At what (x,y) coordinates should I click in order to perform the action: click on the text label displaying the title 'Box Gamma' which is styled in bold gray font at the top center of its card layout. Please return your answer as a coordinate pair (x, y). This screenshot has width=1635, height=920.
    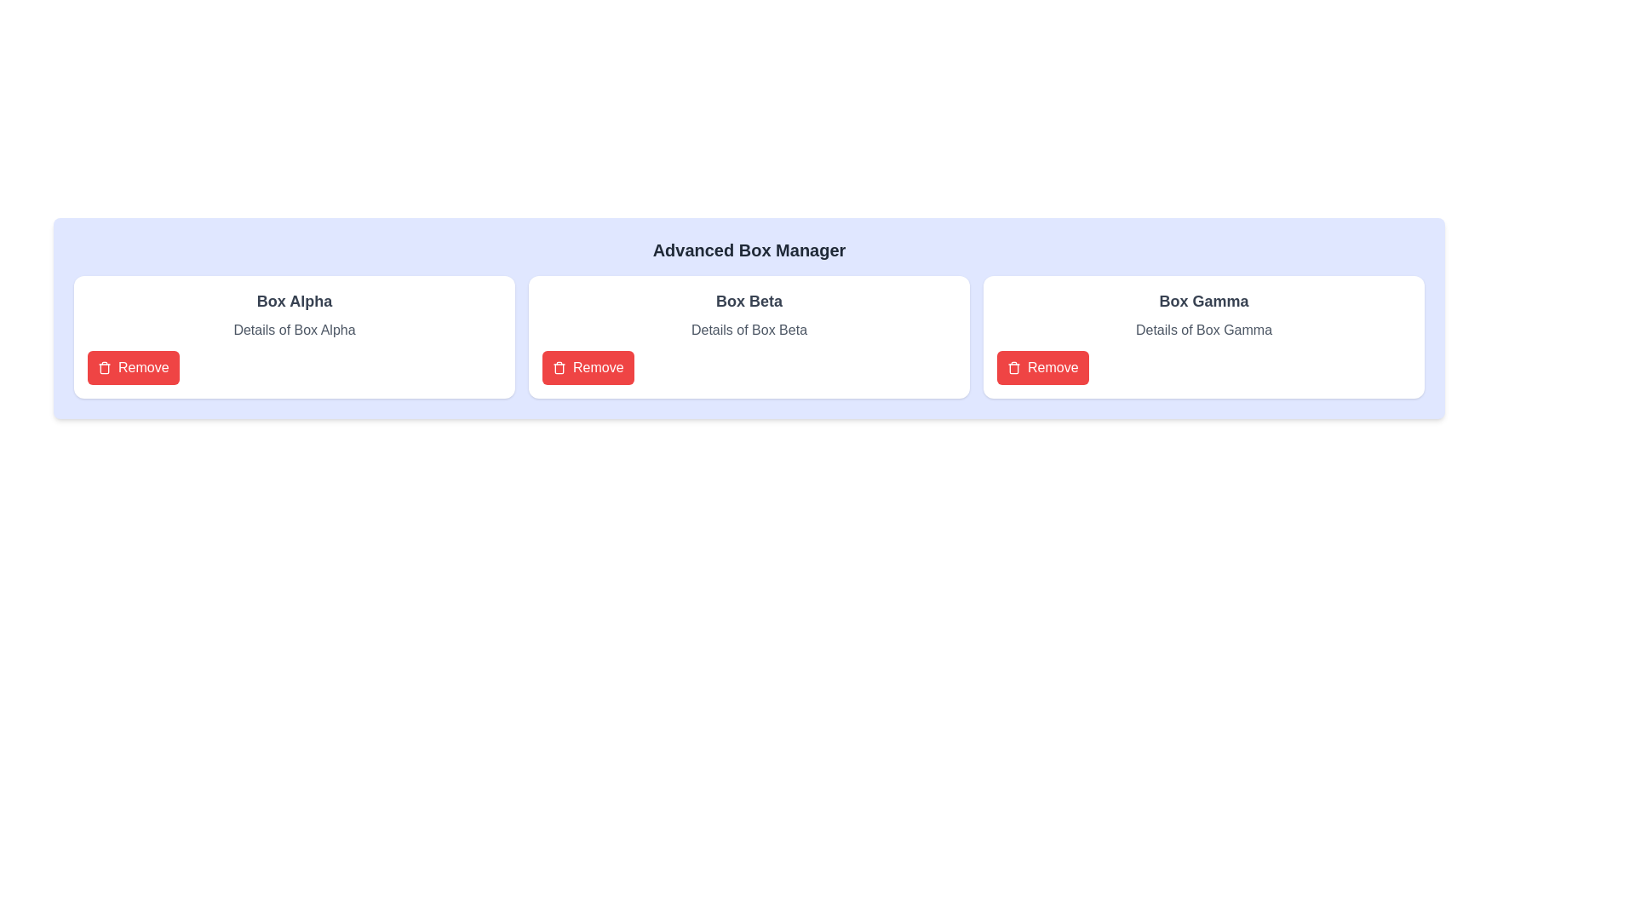
    Looking at the image, I should click on (1203, 301).